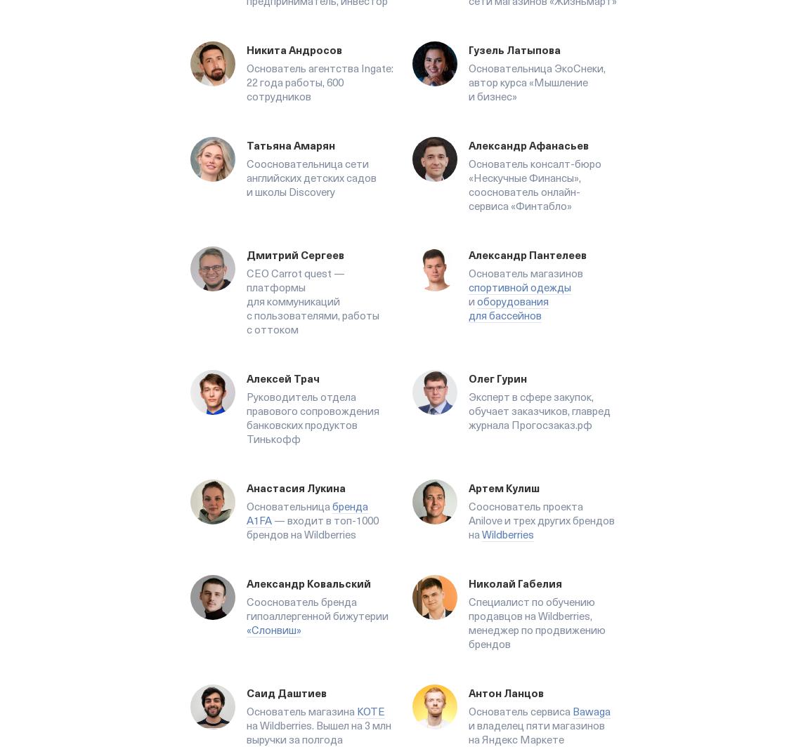 Image resolution: width=808 pixels, height=747 pixels. Describe the element at coordinates (313, 527) in the screenshot. I see `'— входит в топ-1000 брендов на Wildberries'` at that location.